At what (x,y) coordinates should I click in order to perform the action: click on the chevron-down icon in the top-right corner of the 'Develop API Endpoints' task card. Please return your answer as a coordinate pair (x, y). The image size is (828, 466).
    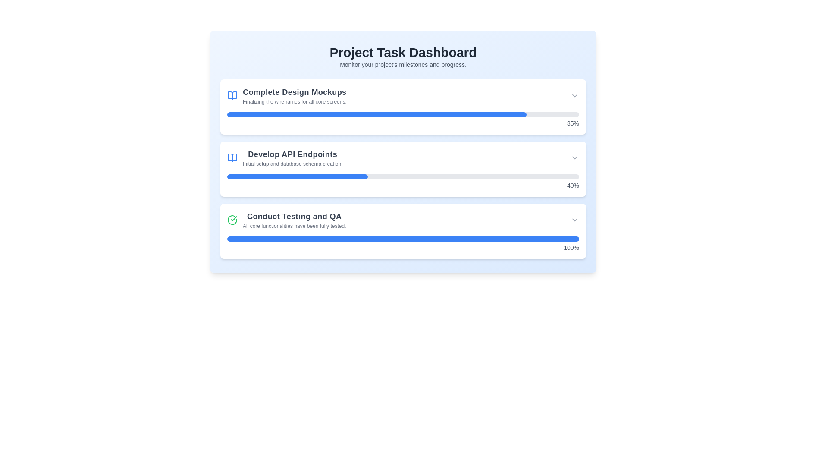
    Looking at the image, I should click on (575, 158).